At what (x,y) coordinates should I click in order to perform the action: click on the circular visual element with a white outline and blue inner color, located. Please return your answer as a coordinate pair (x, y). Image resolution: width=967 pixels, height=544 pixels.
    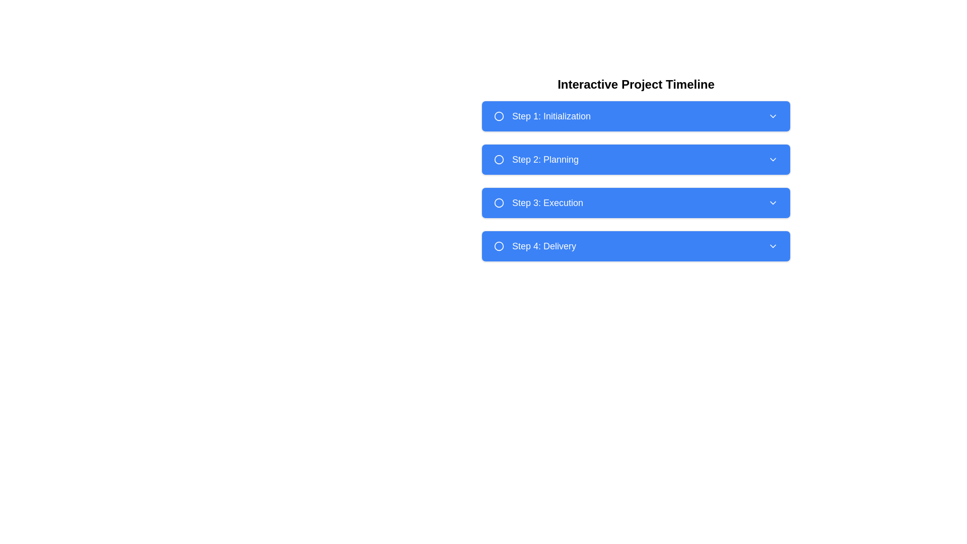
    Looking at the image, I should click on (499, 159).